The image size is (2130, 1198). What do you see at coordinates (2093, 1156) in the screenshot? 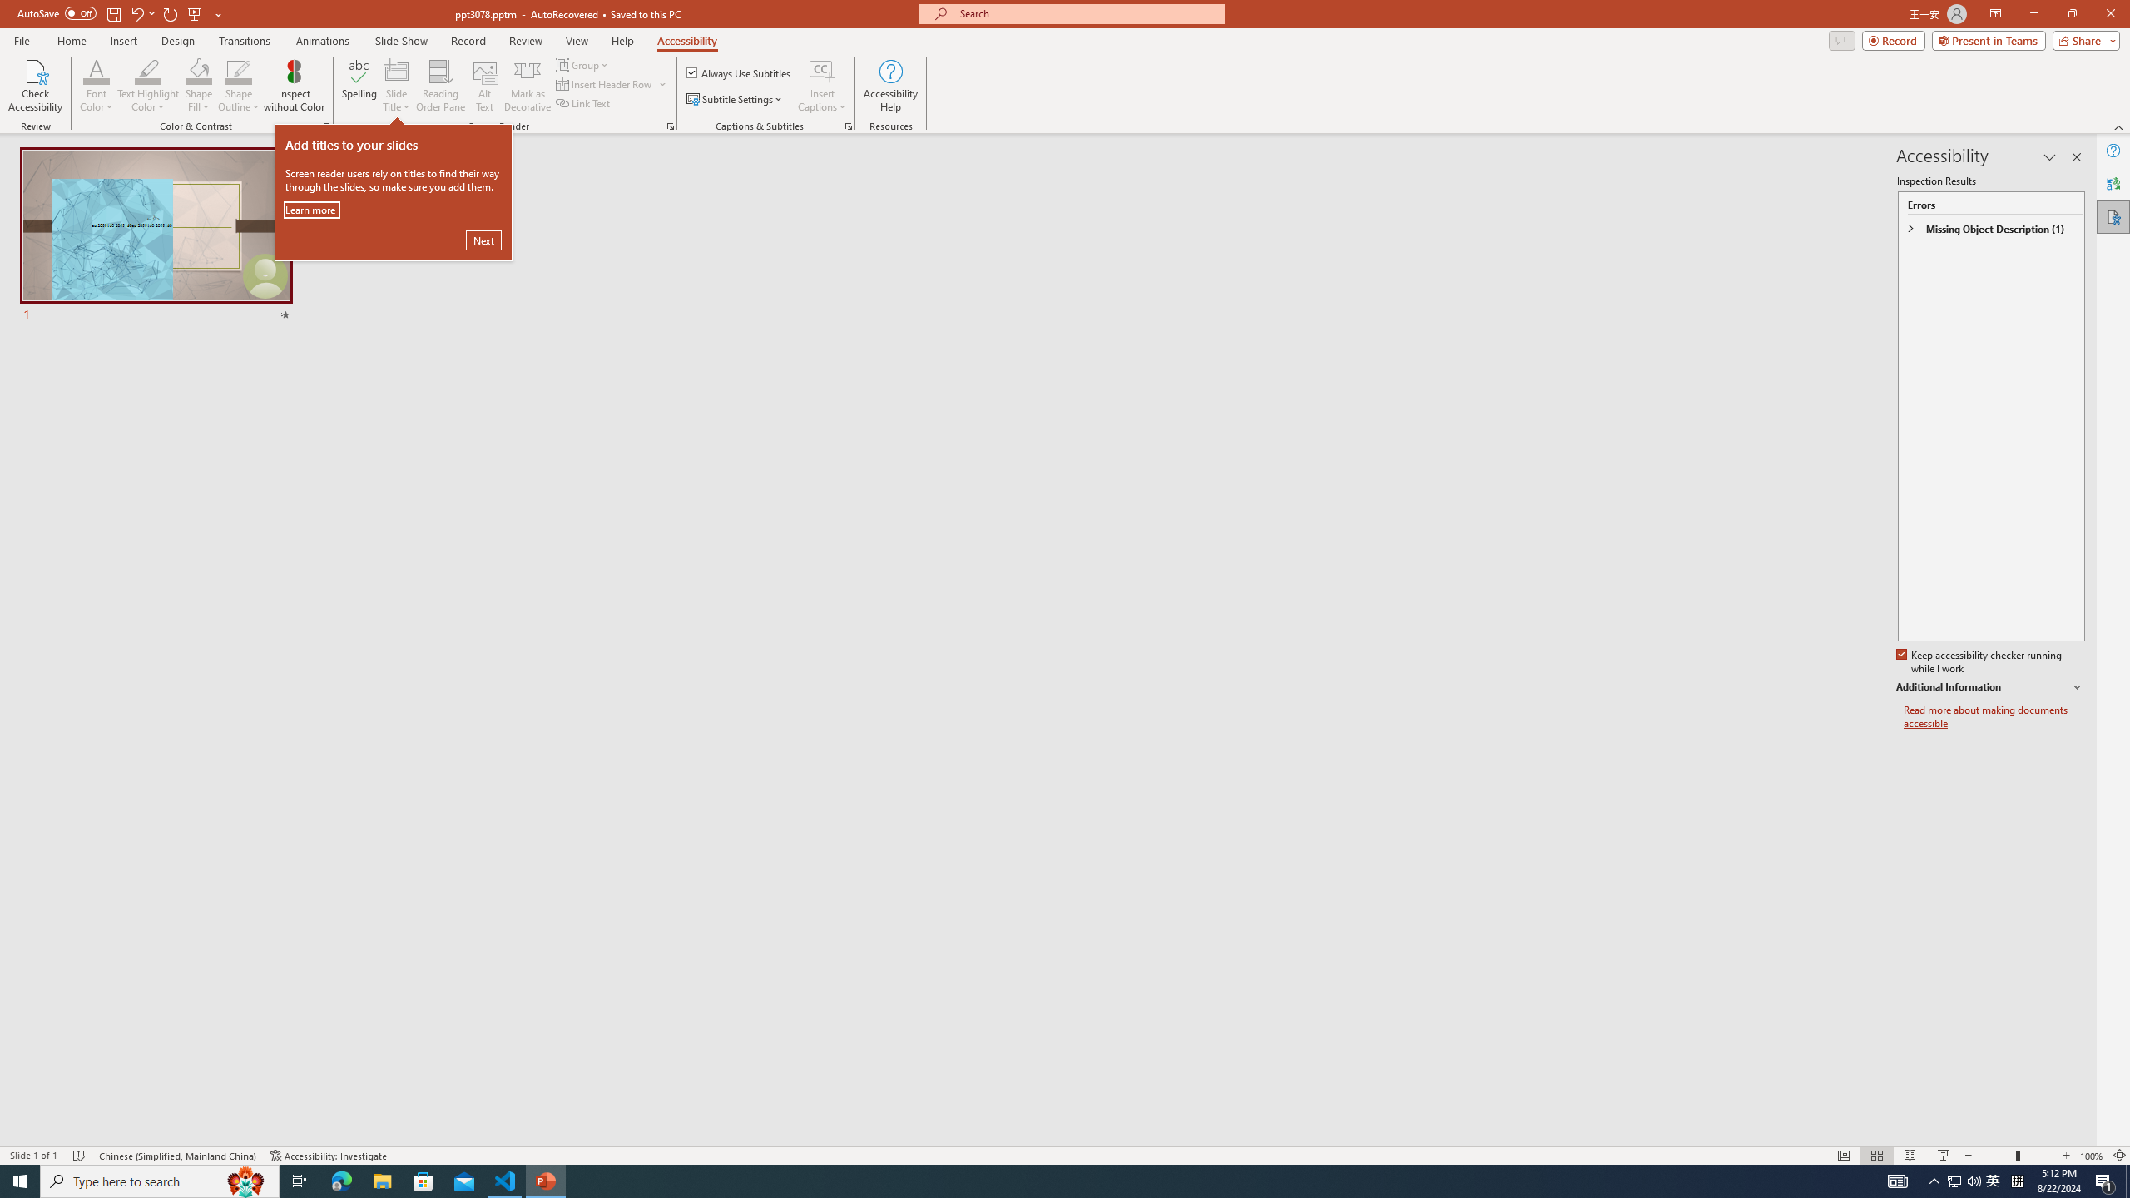
I see `'Zoom 100%'` at bounding box center [2093, 1156].